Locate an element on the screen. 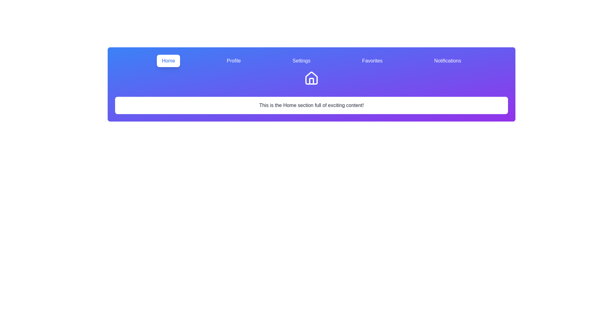 This screenshot has width=594, height=334. the bounce animation of the house-shaped icon with white lines on a purple background, located in the navigation bar as the first element is located at coordinates (312, 79).